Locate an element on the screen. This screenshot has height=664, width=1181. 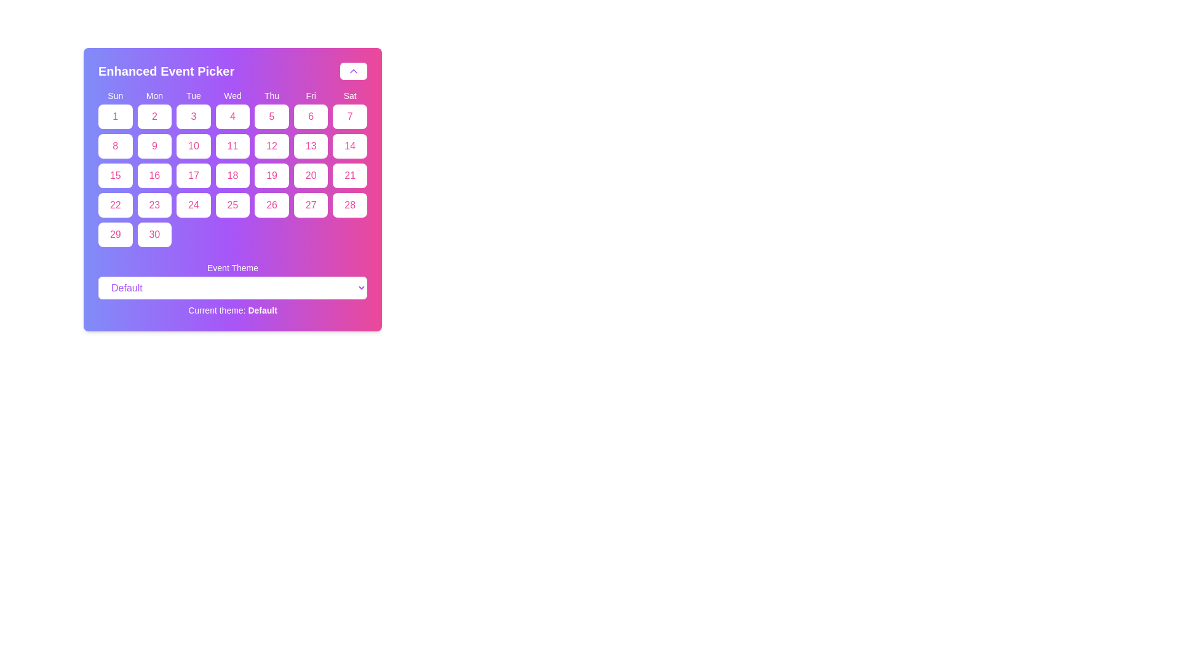
the button representing the date '3' in the calendar UI is located at coordinates (193, 116).